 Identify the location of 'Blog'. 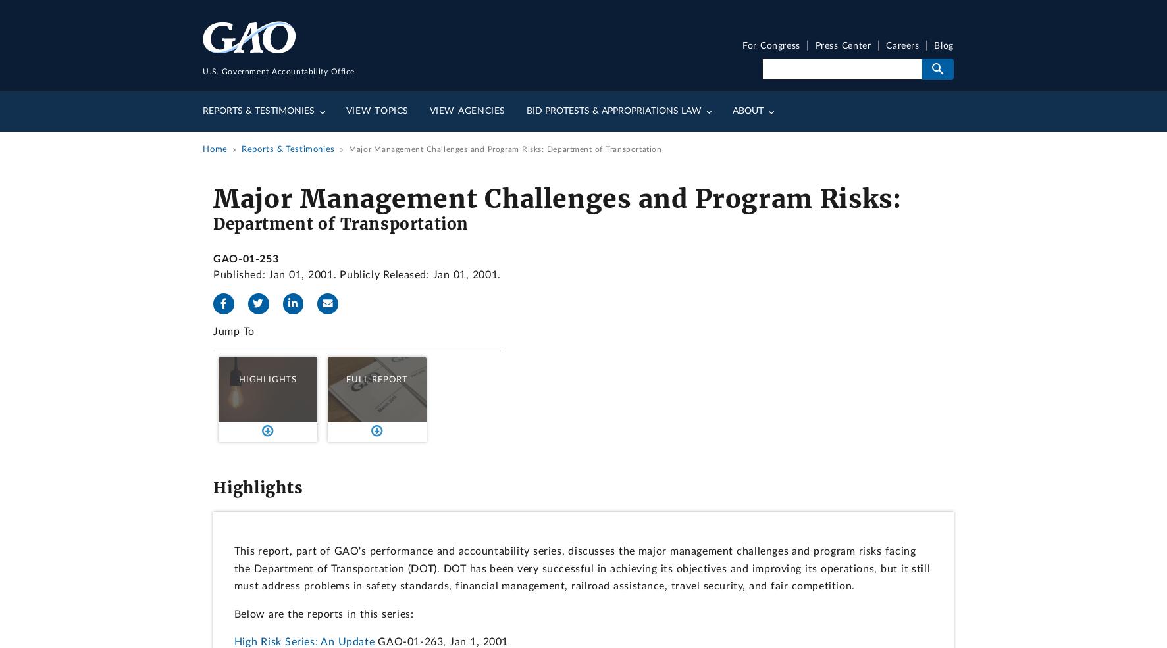
(943, 45).